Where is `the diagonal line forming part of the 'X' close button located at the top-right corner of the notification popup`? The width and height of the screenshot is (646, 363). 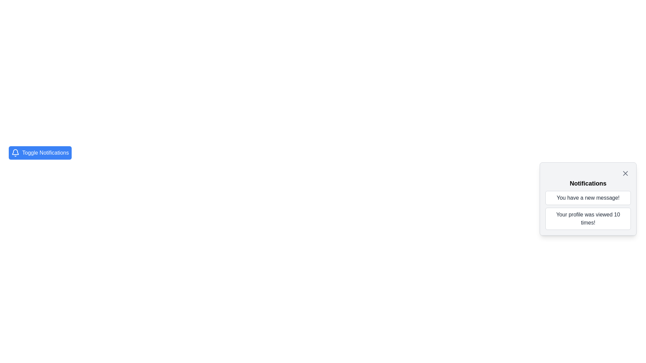
the diagonal line forming part of the 'X' close button located at the top-right corner of the notification popup is located at coordinates (625, 173).